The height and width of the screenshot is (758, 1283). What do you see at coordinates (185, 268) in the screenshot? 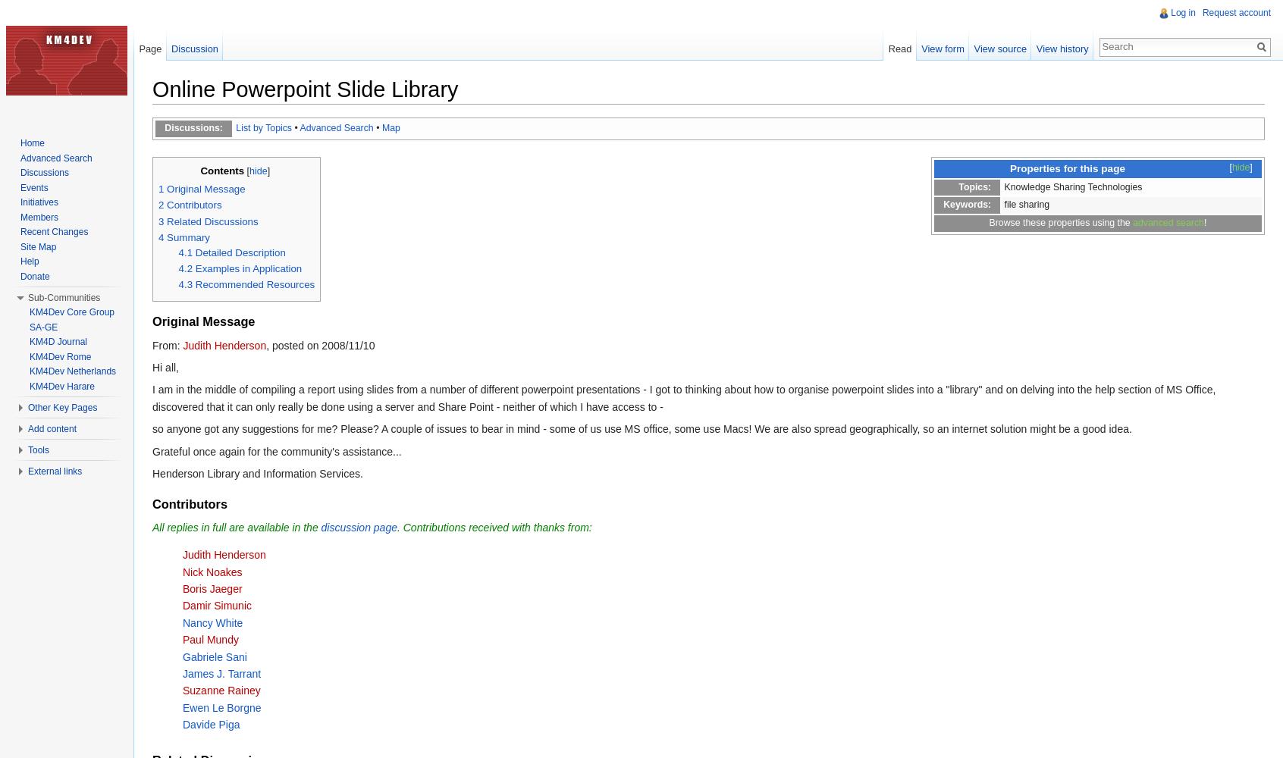
I see `'4.2'` at bounding box center [185, 268].